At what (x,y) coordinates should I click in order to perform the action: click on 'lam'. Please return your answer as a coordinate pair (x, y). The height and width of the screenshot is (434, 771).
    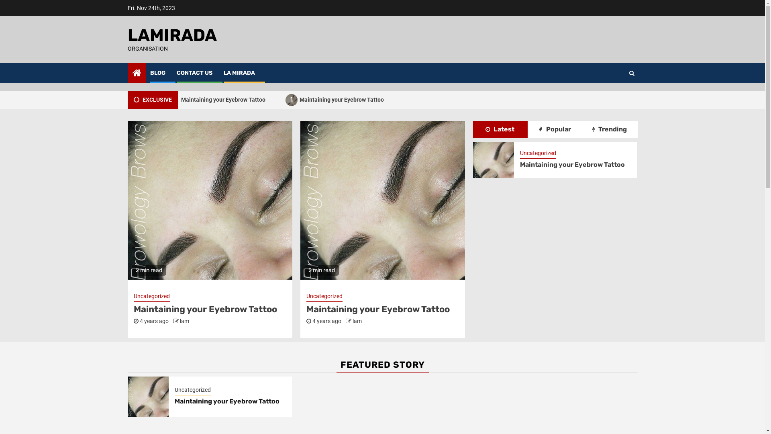
    Looking at the image, I should click on (357, 320).